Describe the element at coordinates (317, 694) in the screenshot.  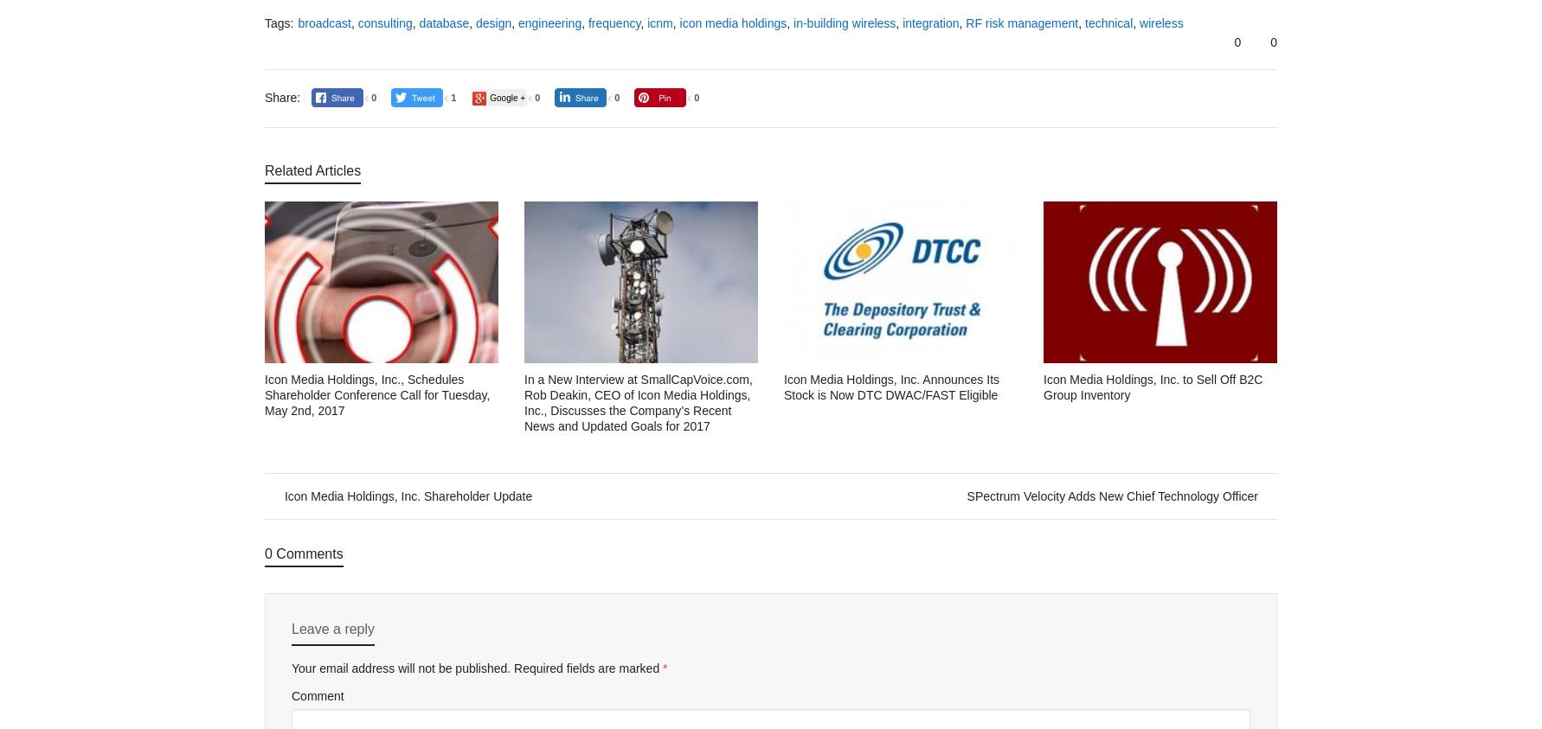
I see `'Comment'` at that location.